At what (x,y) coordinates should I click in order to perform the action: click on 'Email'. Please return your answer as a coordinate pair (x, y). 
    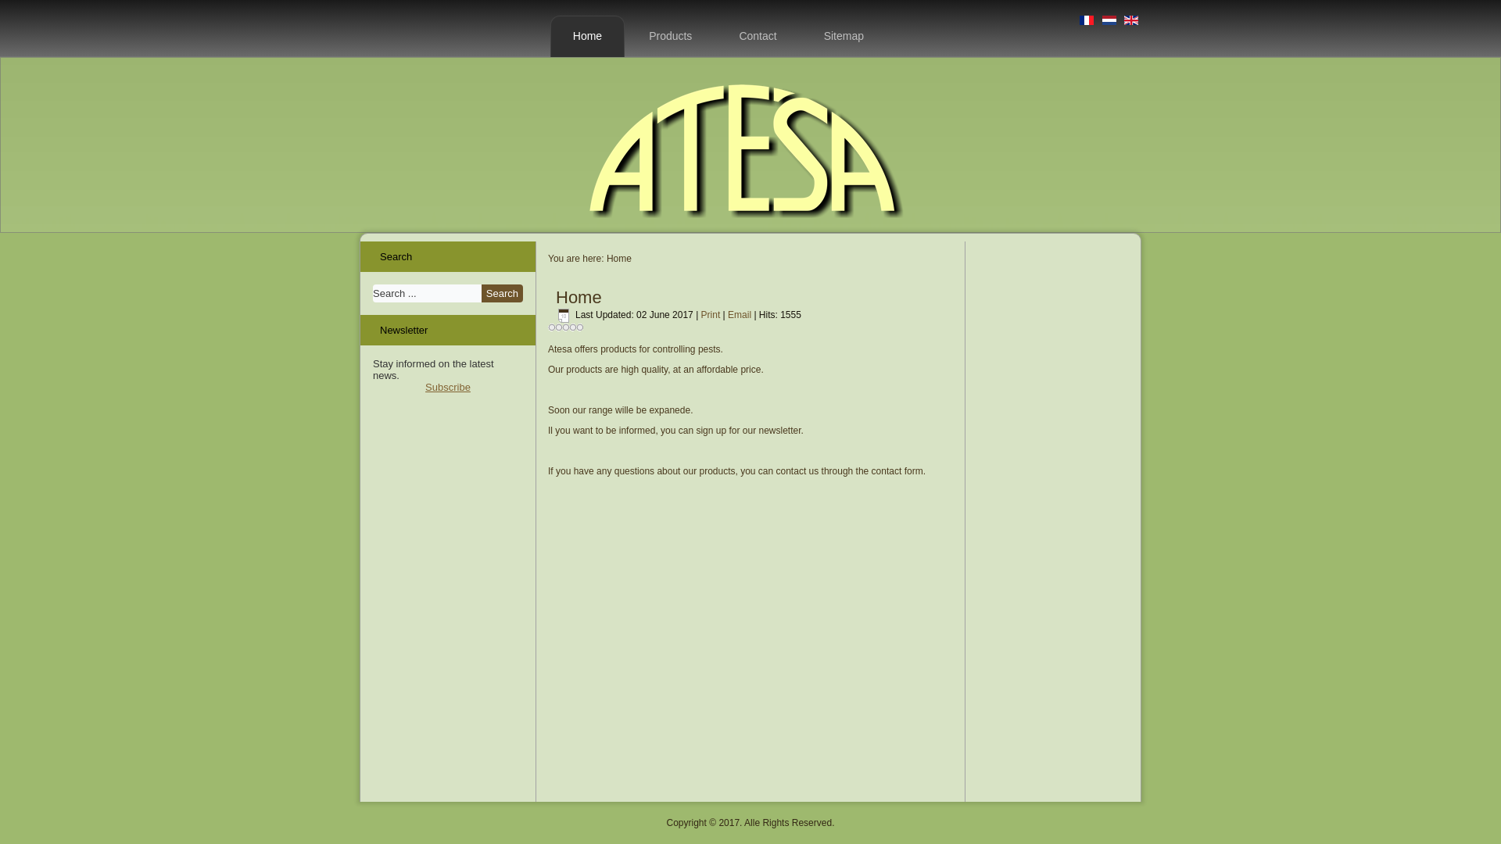
    Looking at the image, I should click on (740, 314).